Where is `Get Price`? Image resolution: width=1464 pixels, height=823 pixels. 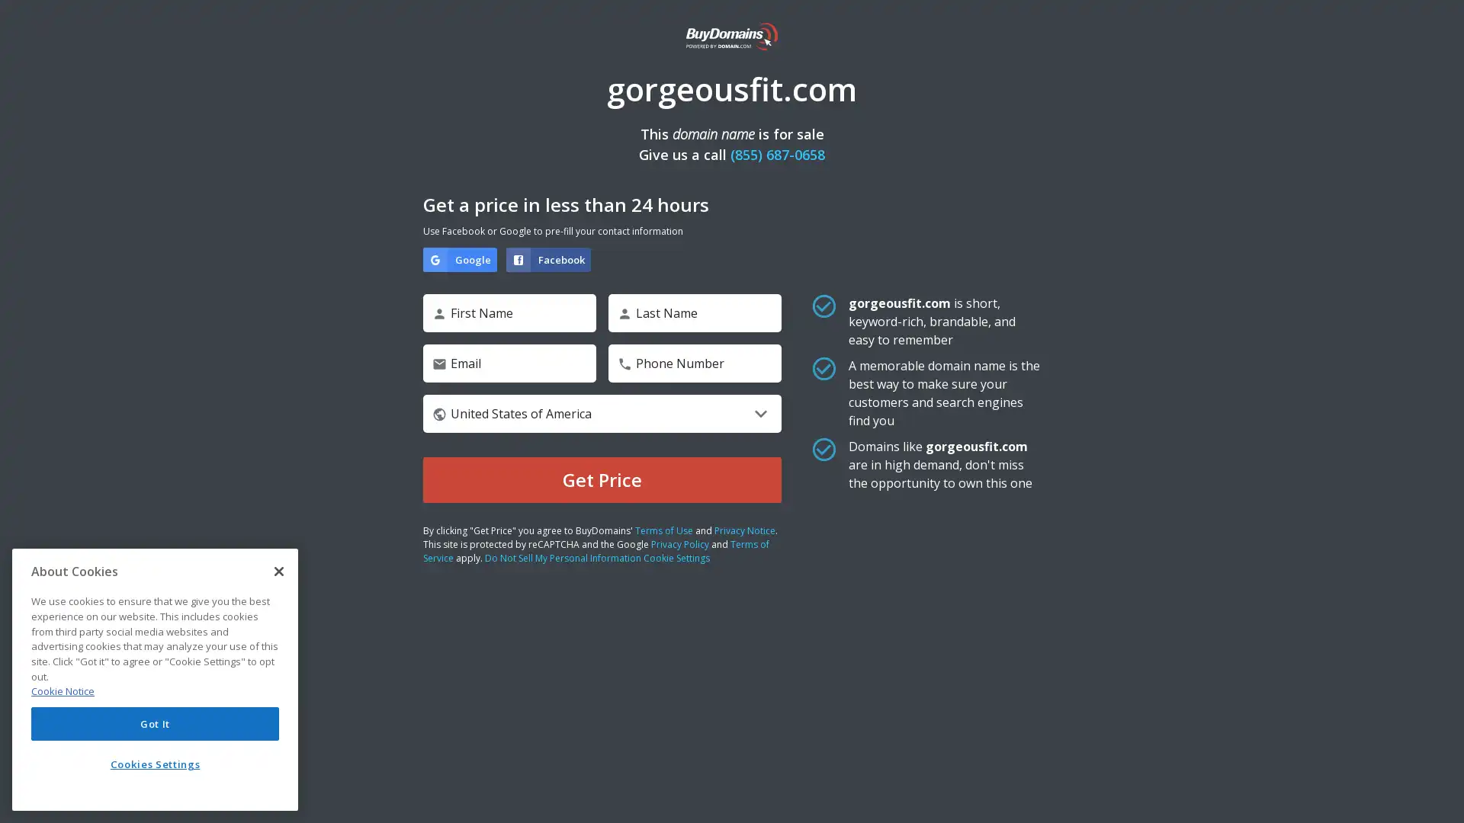
Get Price is located at coordinates (602, 479).